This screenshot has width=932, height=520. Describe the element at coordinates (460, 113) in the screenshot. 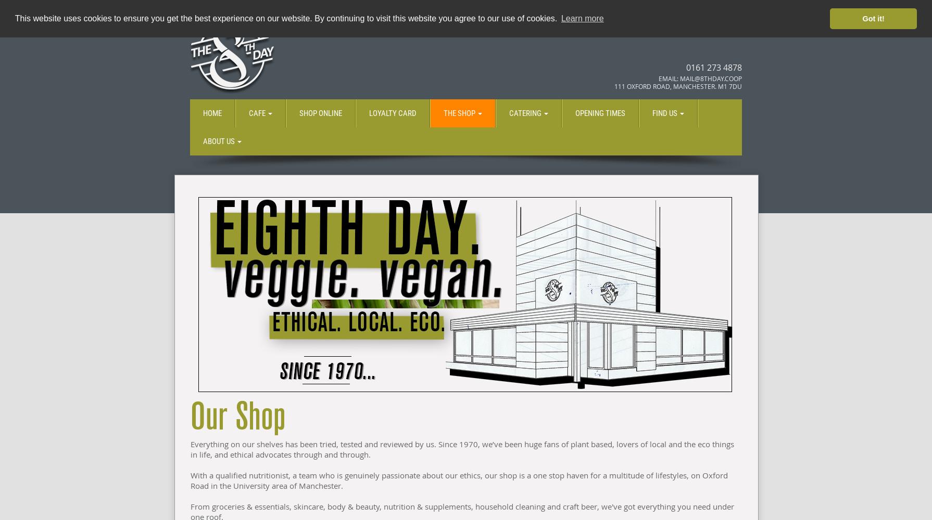

I see `'The Shop'` at that location.